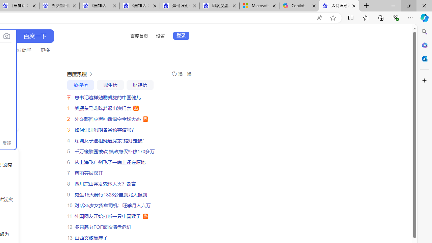 This screenshot has height=243, width=432. What do you see at coordinates (299, 6) in the screenshot?
I see `'Copilot'` at bounding box center [299, 6].